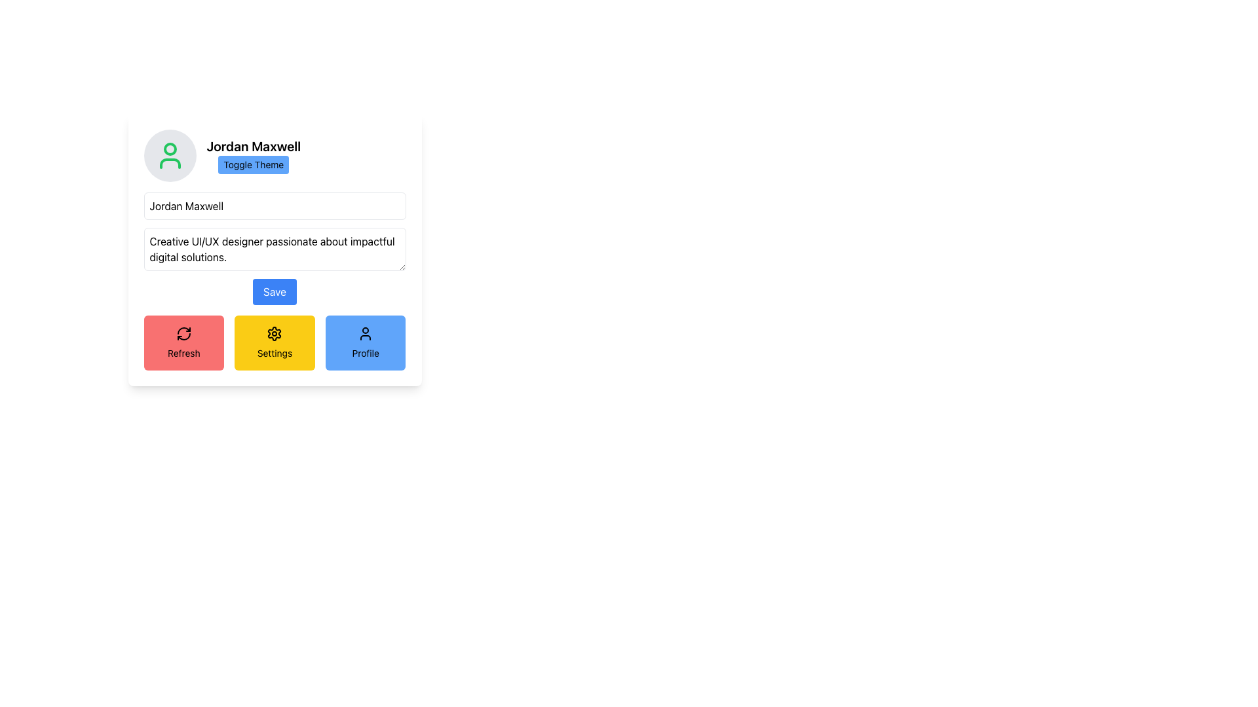  What do you see at coordinates (366, 342) in the screenshot?
I see `the 'Profile' button, which is the third button in a row of three buttons with a light blue background and a rounded-corner design` at bounding box center [366, 342].